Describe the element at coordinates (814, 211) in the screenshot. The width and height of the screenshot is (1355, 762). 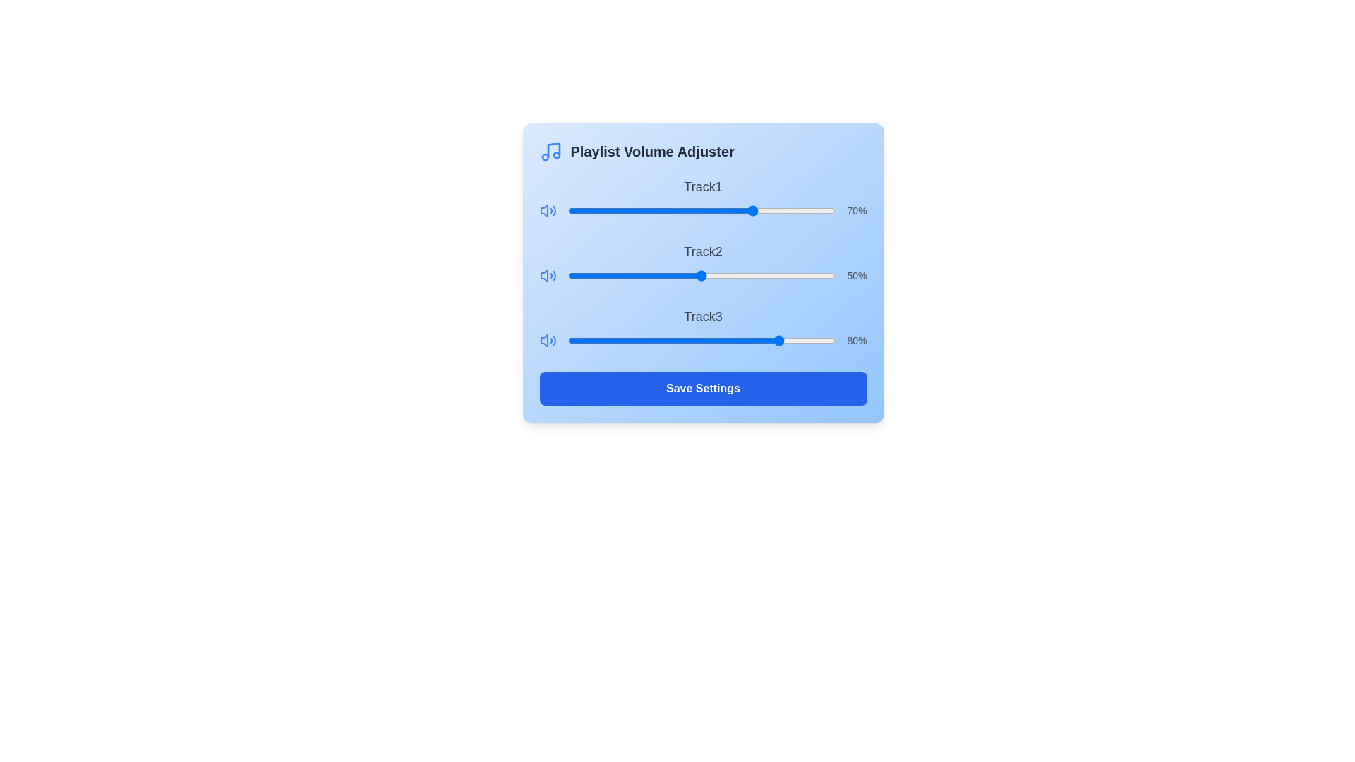
I see `the volume slider for Track1 to 92%` at that location.